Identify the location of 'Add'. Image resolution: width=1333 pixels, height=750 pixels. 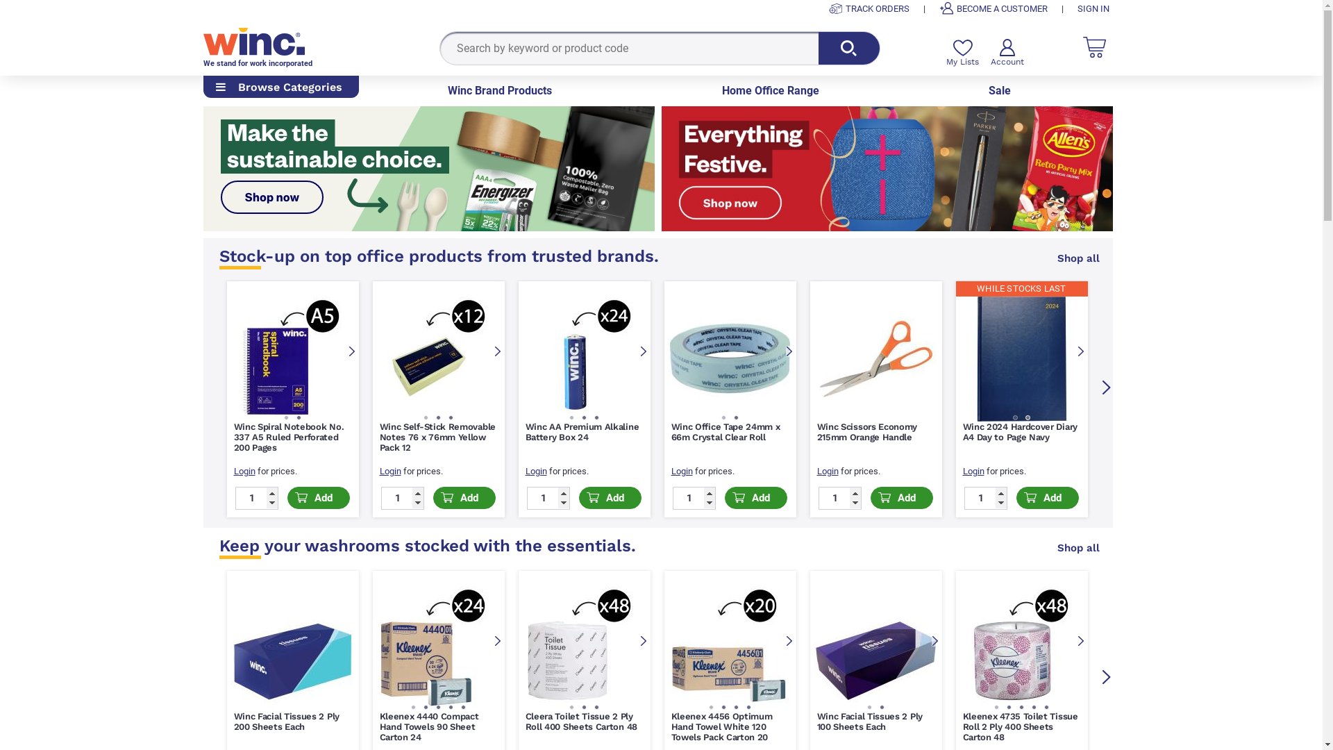
(318, 497).